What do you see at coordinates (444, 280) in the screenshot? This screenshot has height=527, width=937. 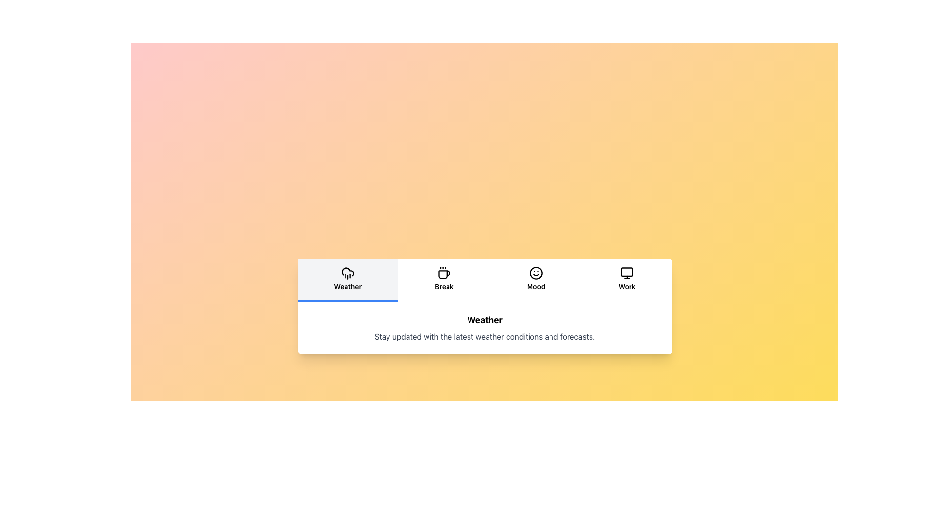 I see `the coffee cup icon button labeled 'Break'` at bounding box center [444, 280].